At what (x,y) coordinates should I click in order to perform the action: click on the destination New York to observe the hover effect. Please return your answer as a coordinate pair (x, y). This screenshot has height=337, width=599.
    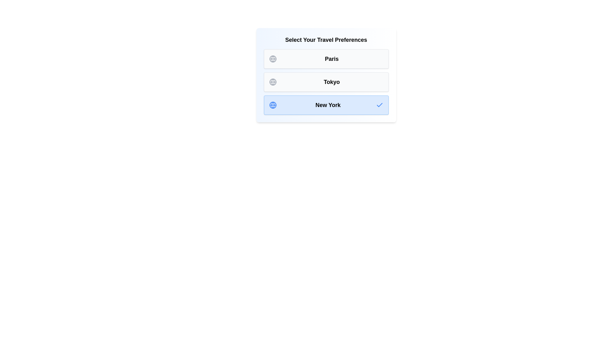
    Looking at the image, I should click on (326, 105).